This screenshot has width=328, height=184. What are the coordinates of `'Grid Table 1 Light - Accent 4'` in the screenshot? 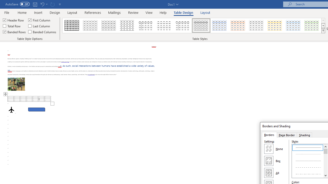 It's located at (274, 26).